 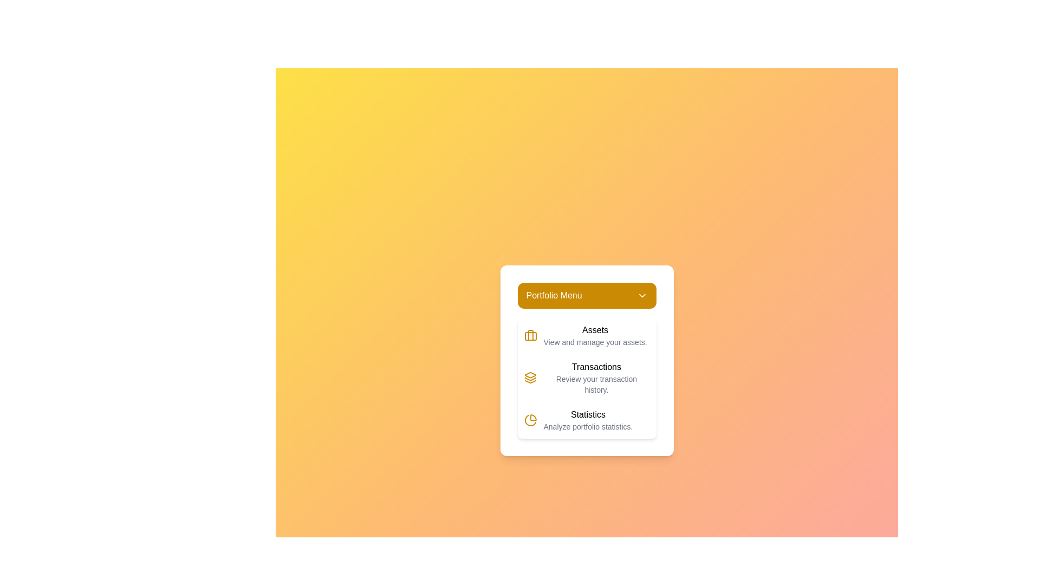 I want to click on the toggle button to toggle the menu visibility, so click(x=586, y=296).